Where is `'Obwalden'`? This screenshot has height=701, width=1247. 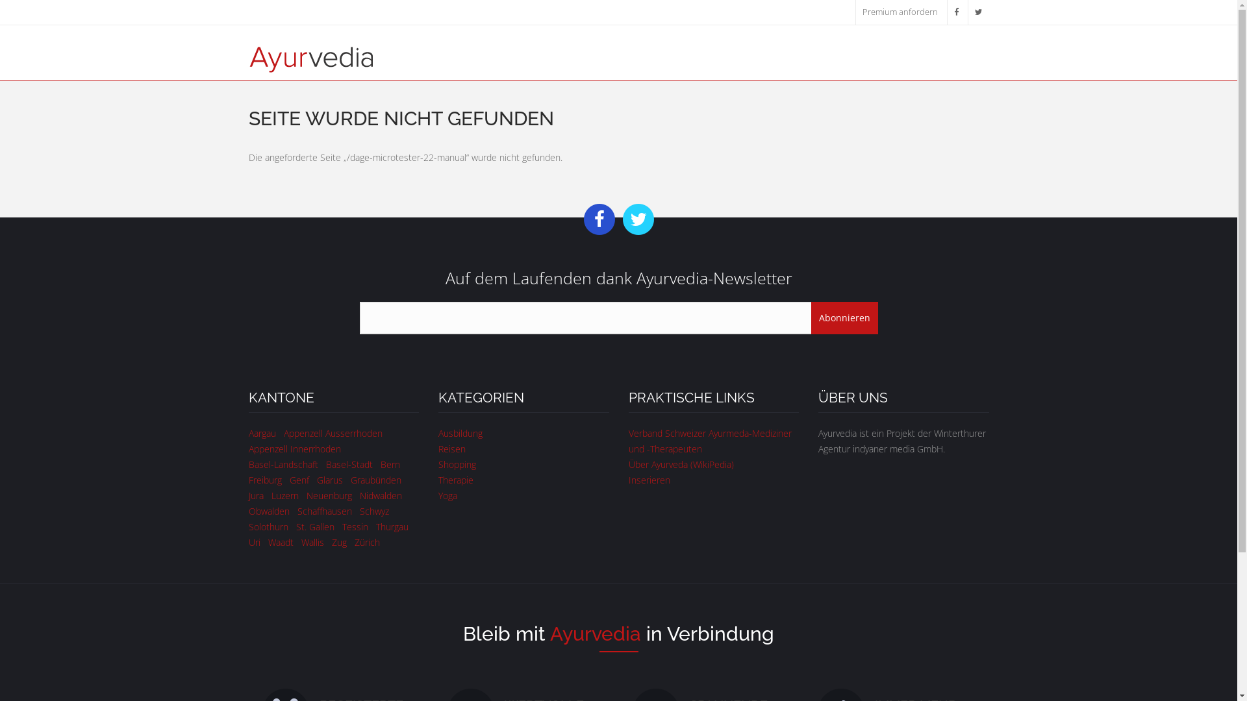
'Obwalden' is located at coordinates (248, 510).